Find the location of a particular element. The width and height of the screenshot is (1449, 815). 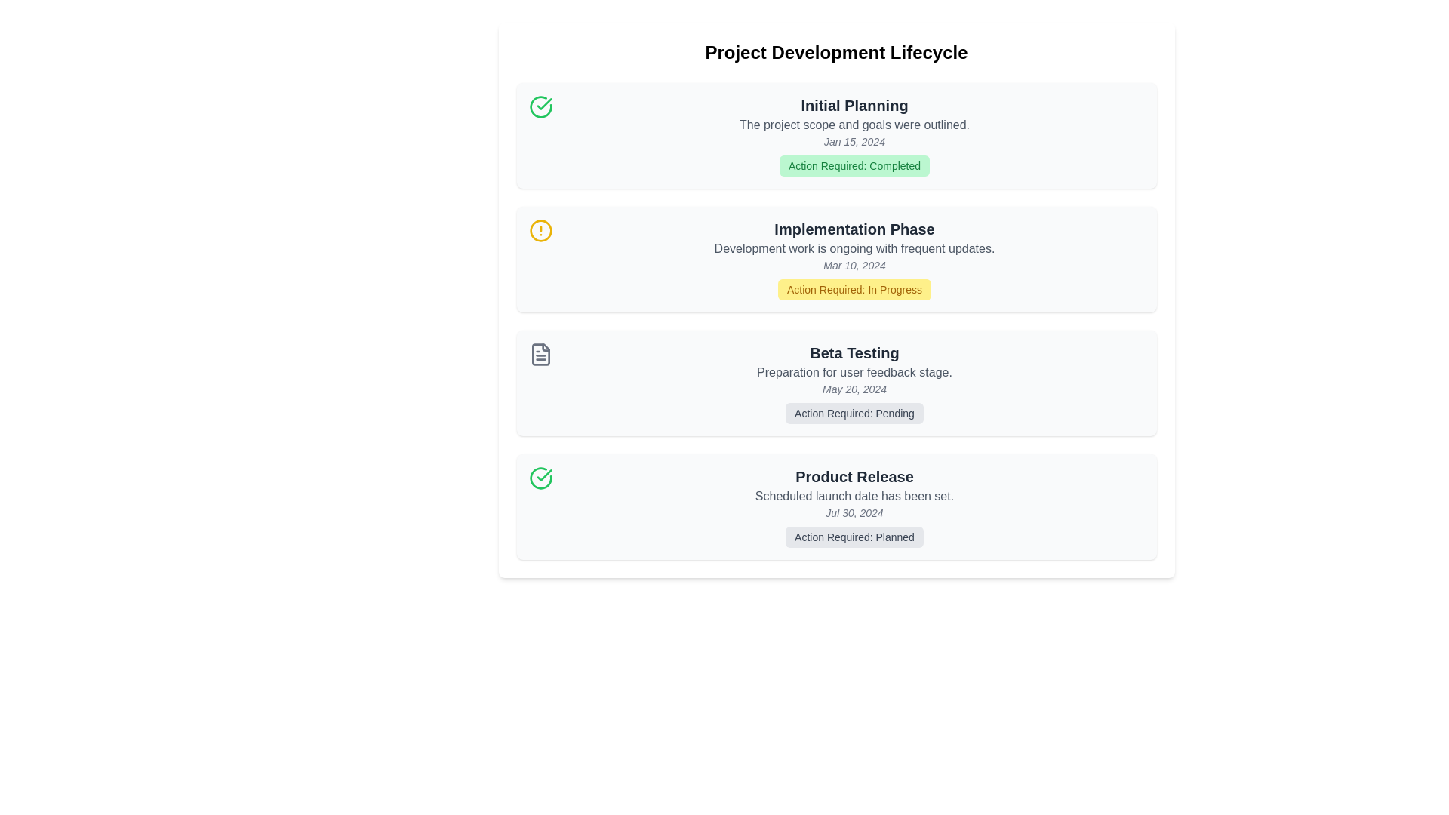

text label that provides additional details about the title 'Initial Planning', positioned directly below the bold title and above the smaller italic text is located at coordinates (854, 124).